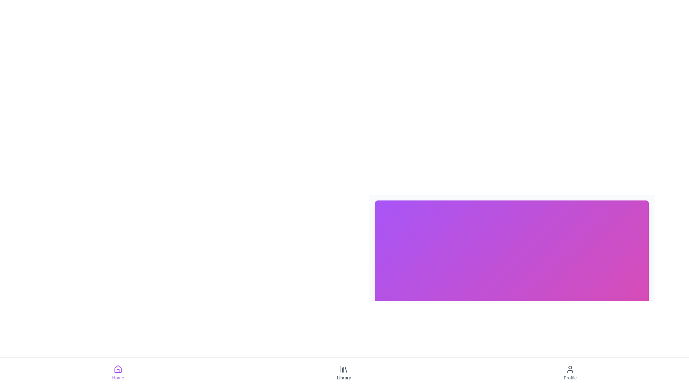 This screenshot has width=689, height=388. Describe the element at coordinates (118, 369) in the screenshot. I see `the purple outlined house icon in the navigation bar` at that location.